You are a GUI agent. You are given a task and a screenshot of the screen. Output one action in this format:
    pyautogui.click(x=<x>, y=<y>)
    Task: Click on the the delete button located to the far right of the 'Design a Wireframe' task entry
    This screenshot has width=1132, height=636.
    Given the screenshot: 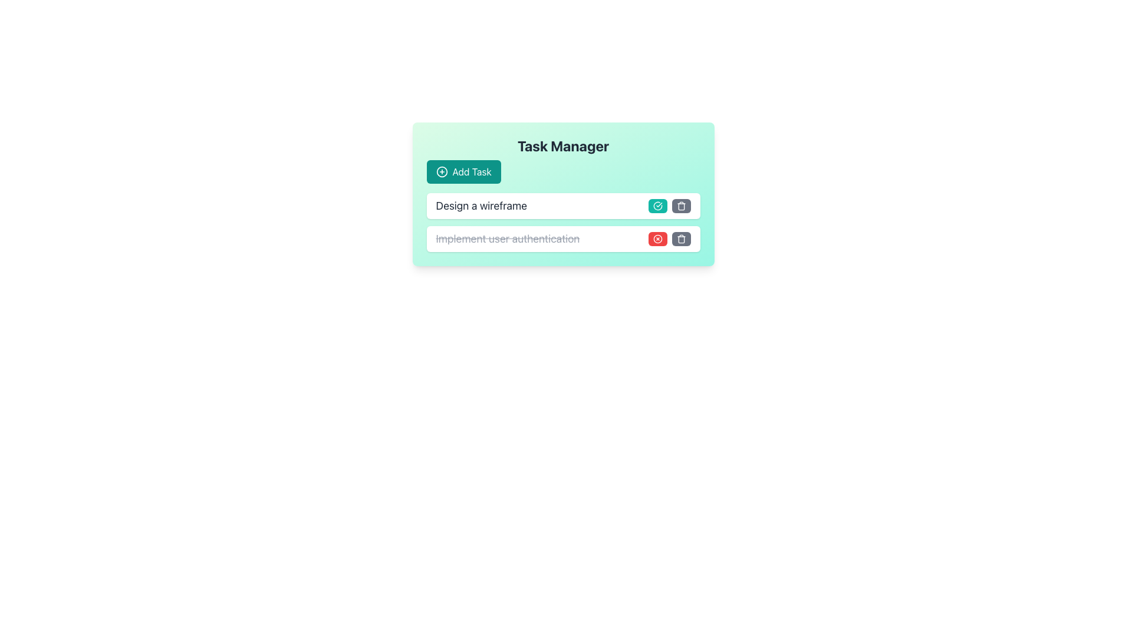 What is the action you would take?
    pyautogui.click(x=681, y=206)
    